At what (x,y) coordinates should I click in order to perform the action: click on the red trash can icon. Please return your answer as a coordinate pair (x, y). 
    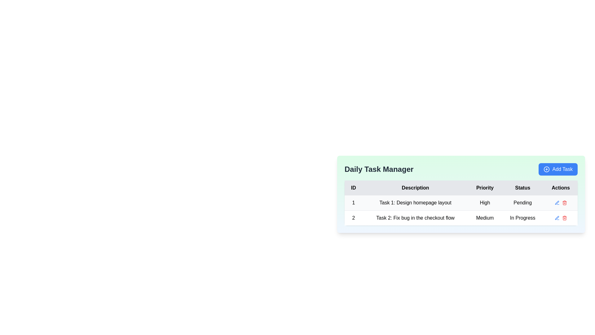
    Looking at the image, I should click on (564, 203).